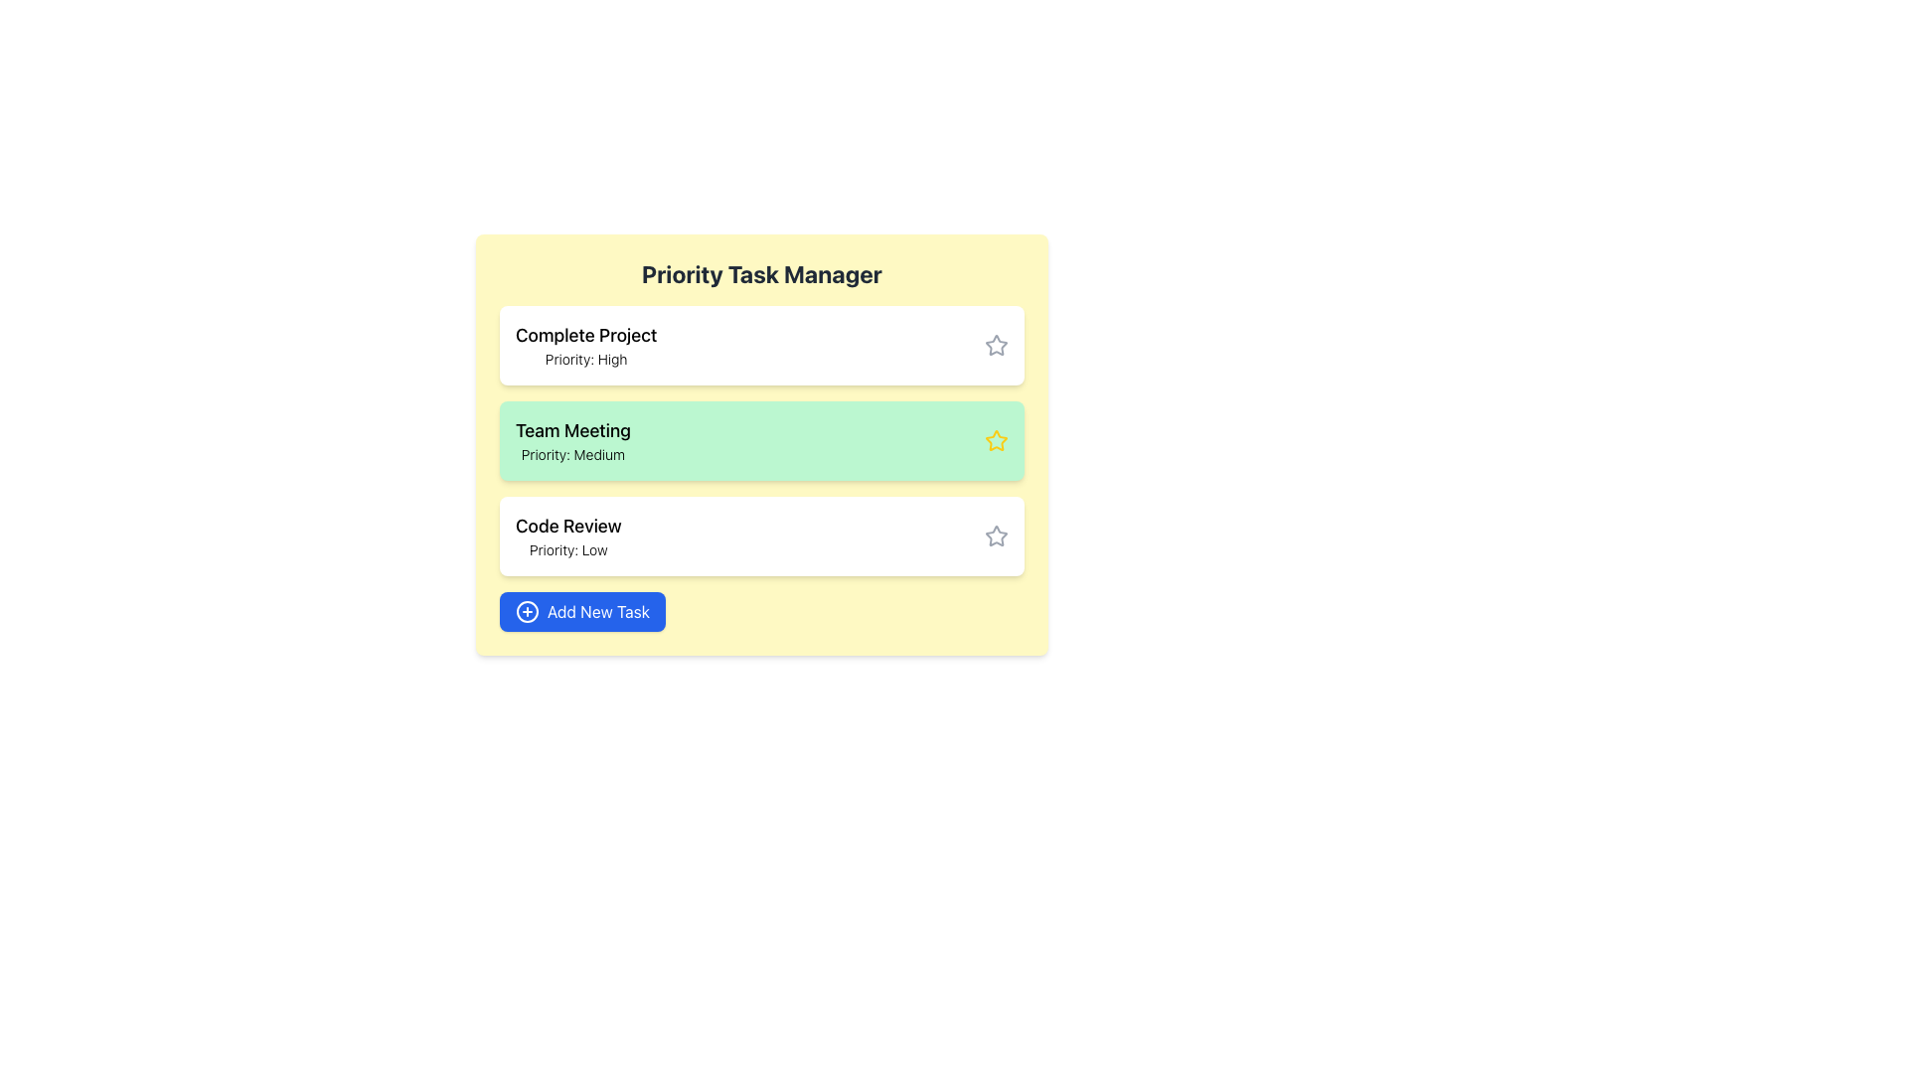 The height and width of the screenshot is (1073, 1908). I want to click on the 'Complete Project' task card, so click(761, 344).